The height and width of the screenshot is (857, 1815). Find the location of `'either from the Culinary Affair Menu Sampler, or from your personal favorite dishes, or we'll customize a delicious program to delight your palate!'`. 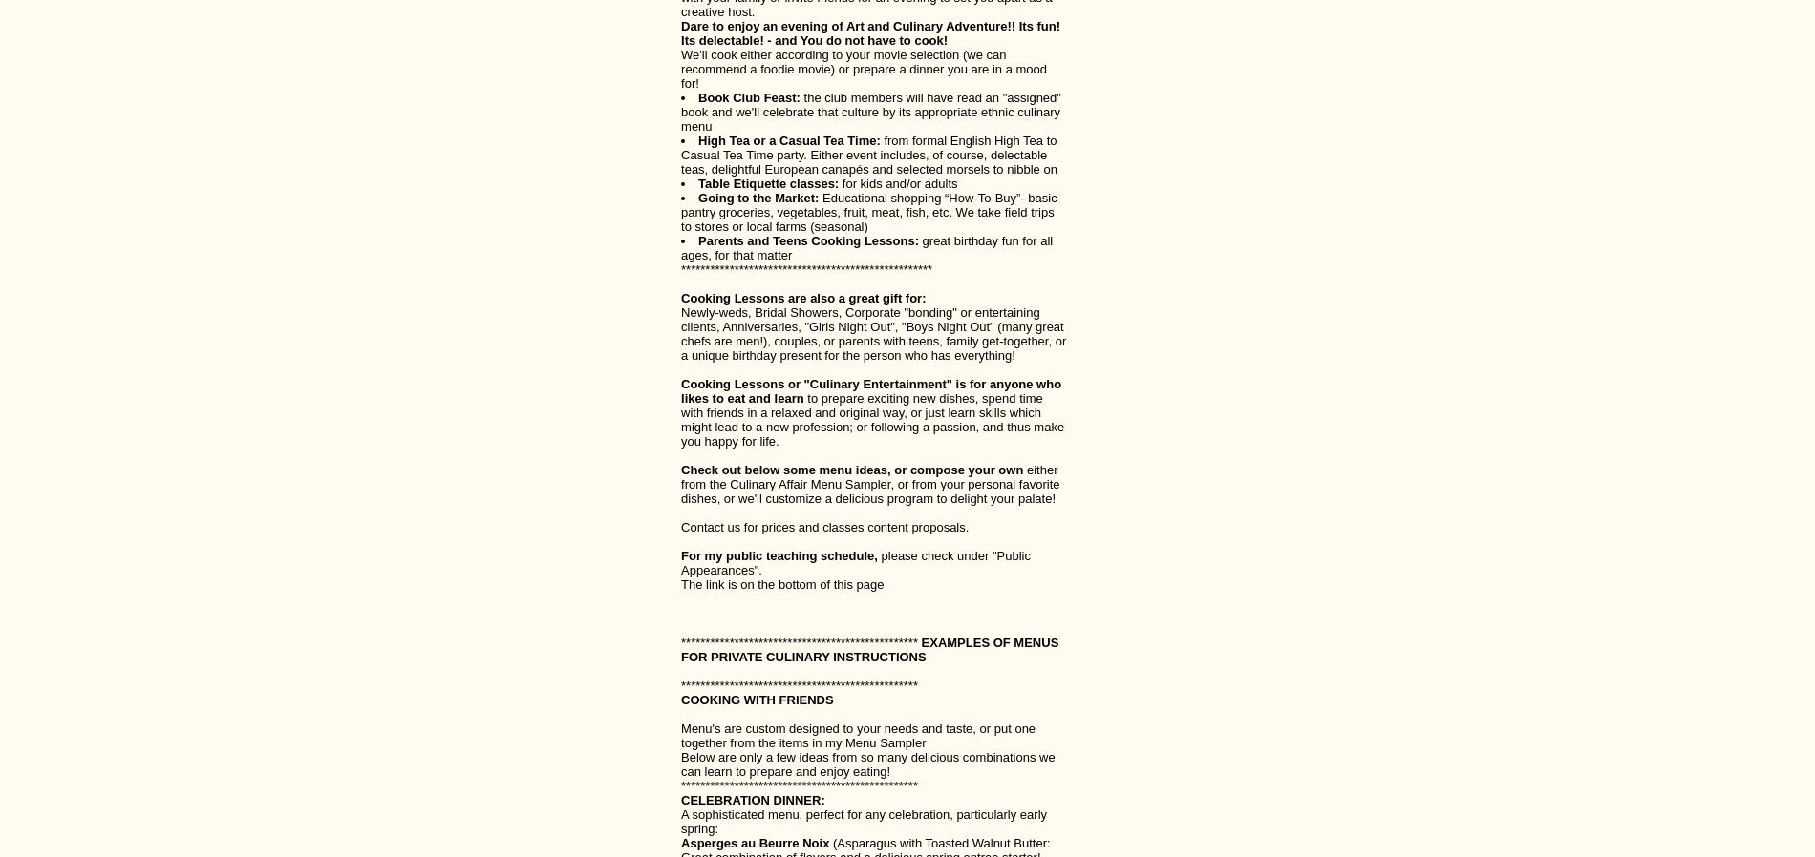

'either from the Culinary Affair Menu Sampler, or from your personal favorite dishes, or we'll customize a delicious program to delight your palate!' is located at coordinates (869, 483).